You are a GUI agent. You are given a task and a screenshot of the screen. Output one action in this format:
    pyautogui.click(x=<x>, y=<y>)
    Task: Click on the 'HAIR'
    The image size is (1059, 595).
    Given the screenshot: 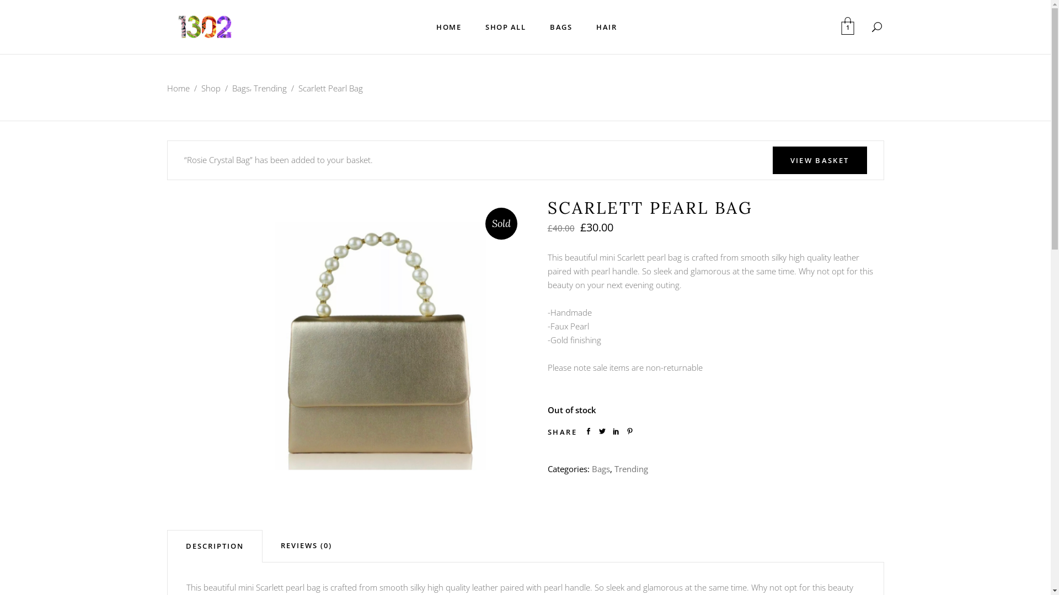 What is the action you would take?
    pyautogui.click(x=606, y=26)
    